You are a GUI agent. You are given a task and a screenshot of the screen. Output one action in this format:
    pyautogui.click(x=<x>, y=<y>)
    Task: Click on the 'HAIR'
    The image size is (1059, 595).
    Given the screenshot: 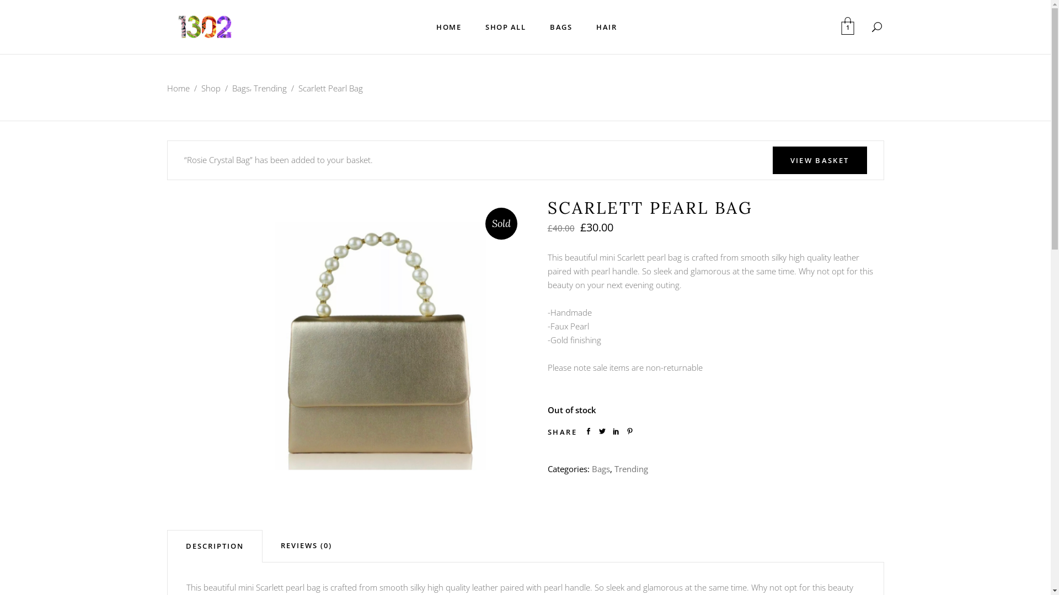 What is the action you would take?
    pyautogui.click(x=606, y=26)
    